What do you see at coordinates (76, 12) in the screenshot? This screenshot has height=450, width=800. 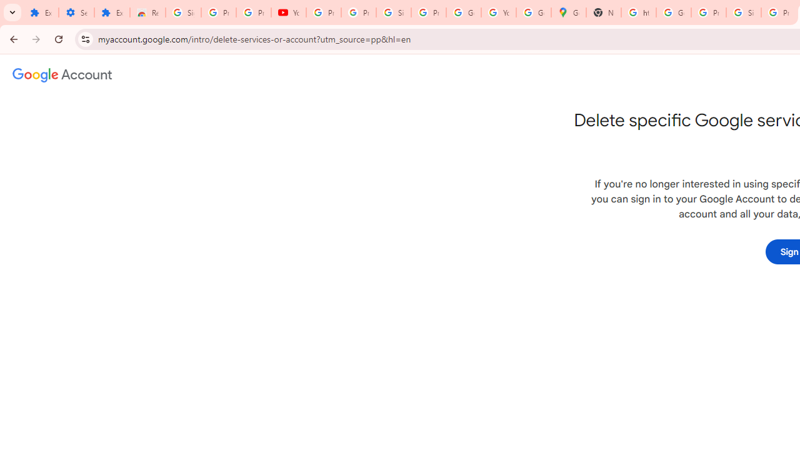 I see `'Settings'` at bounding box center [76, 12].